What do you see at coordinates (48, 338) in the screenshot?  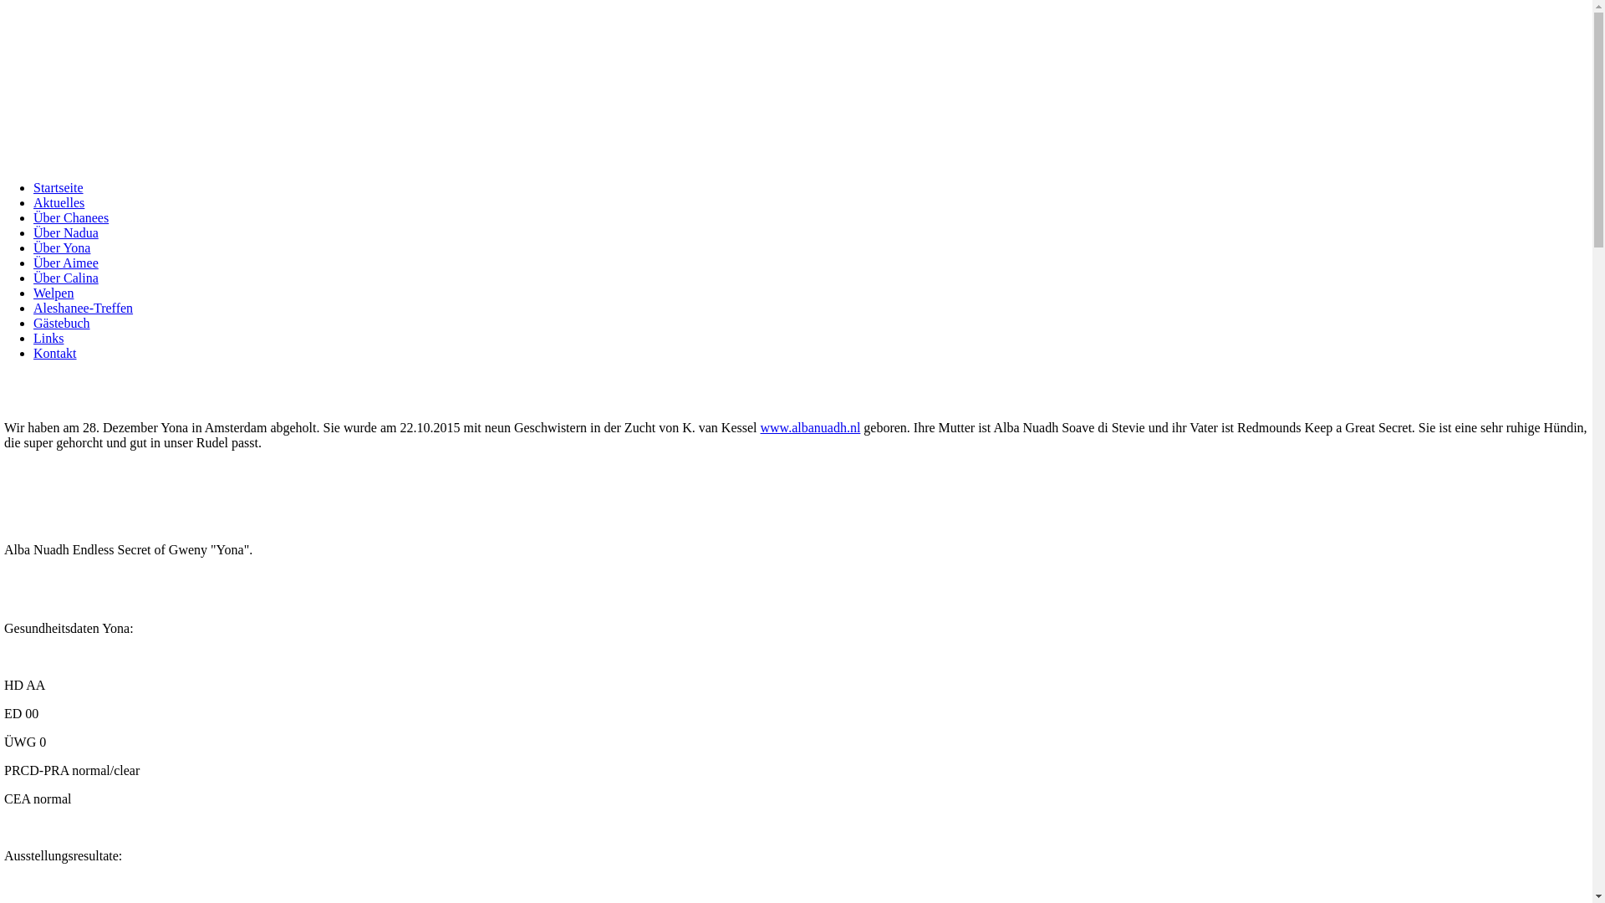 I see `'Links'` at bounding box center [48, 338].